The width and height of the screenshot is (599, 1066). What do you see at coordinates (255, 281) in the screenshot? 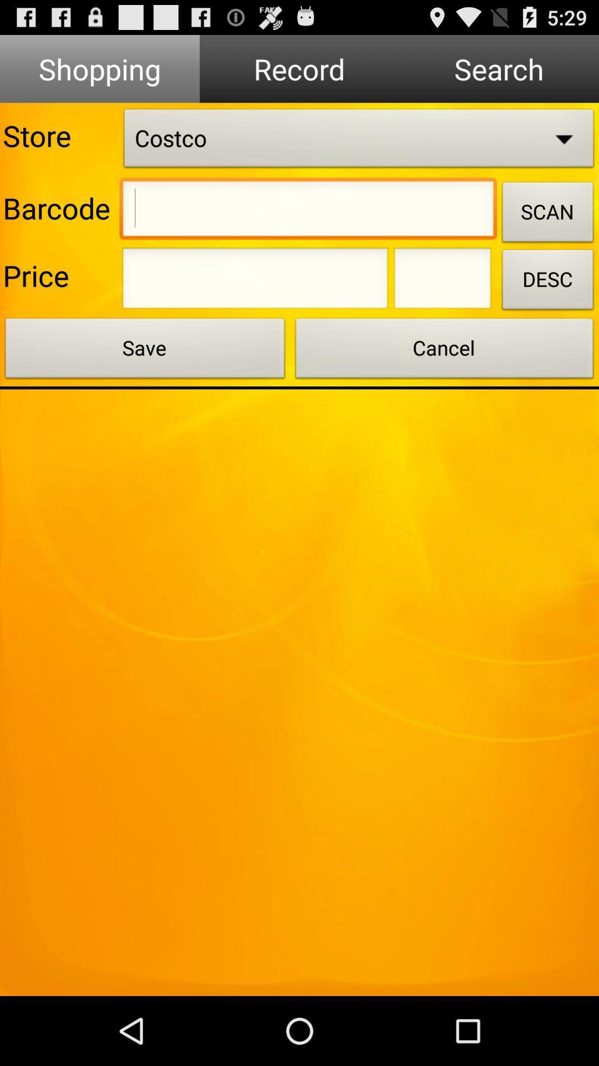
I see `value for product` at bounding box center [255, 281].